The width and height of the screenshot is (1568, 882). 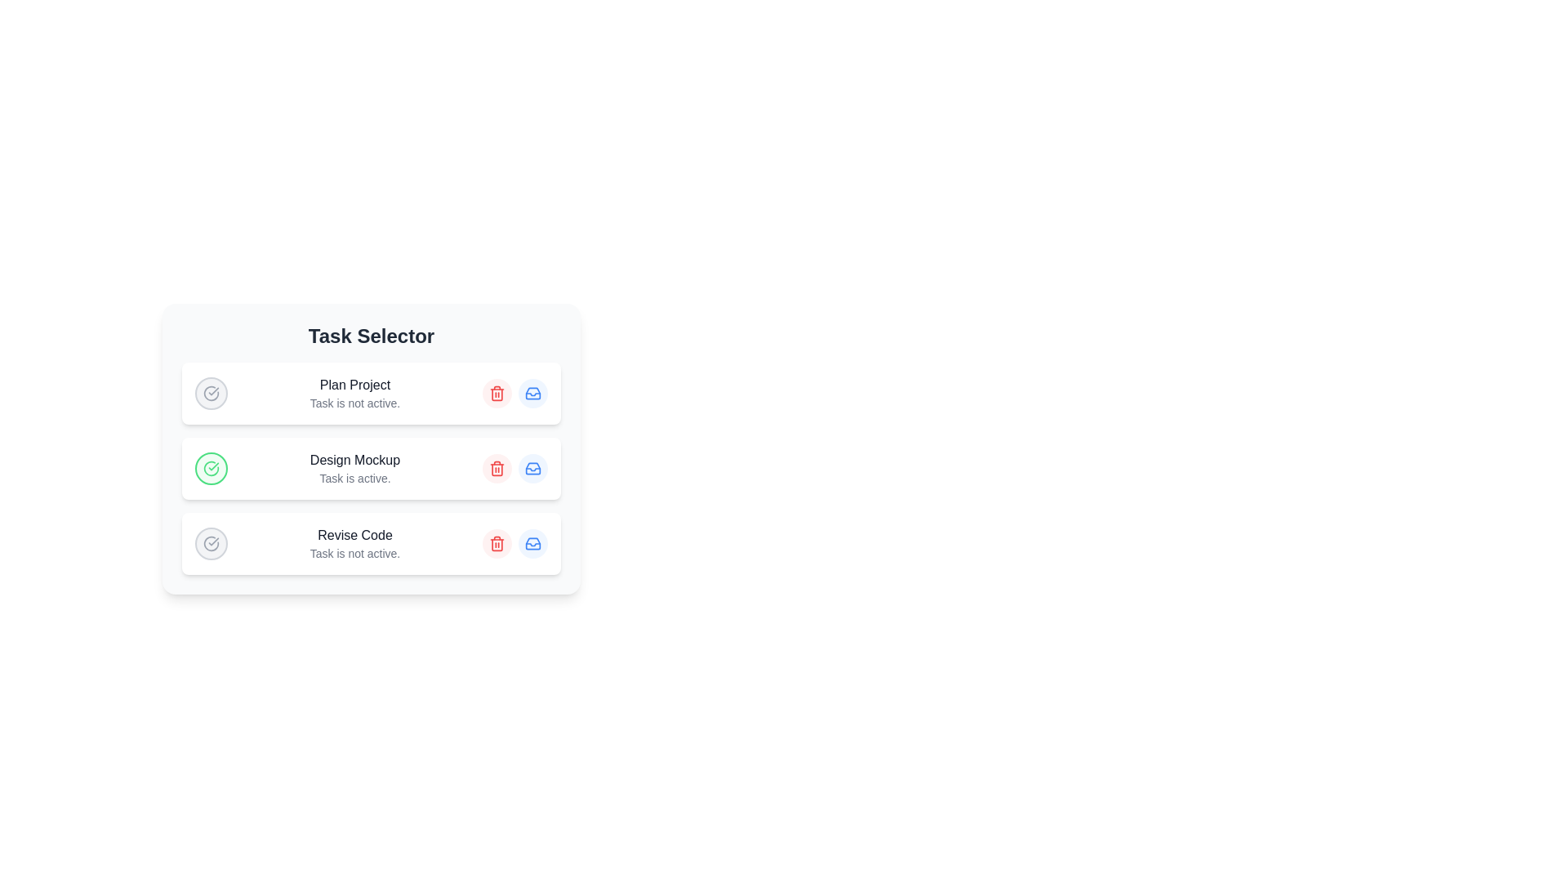 What do you see at coordinates (354, 535) in the screenshot?
I see `the informational text label indicating the name of the task, which is positioned above the text 'Task is not active.' in the third task card under the 'Task Selector' heading` at bounding box center [354, 535].